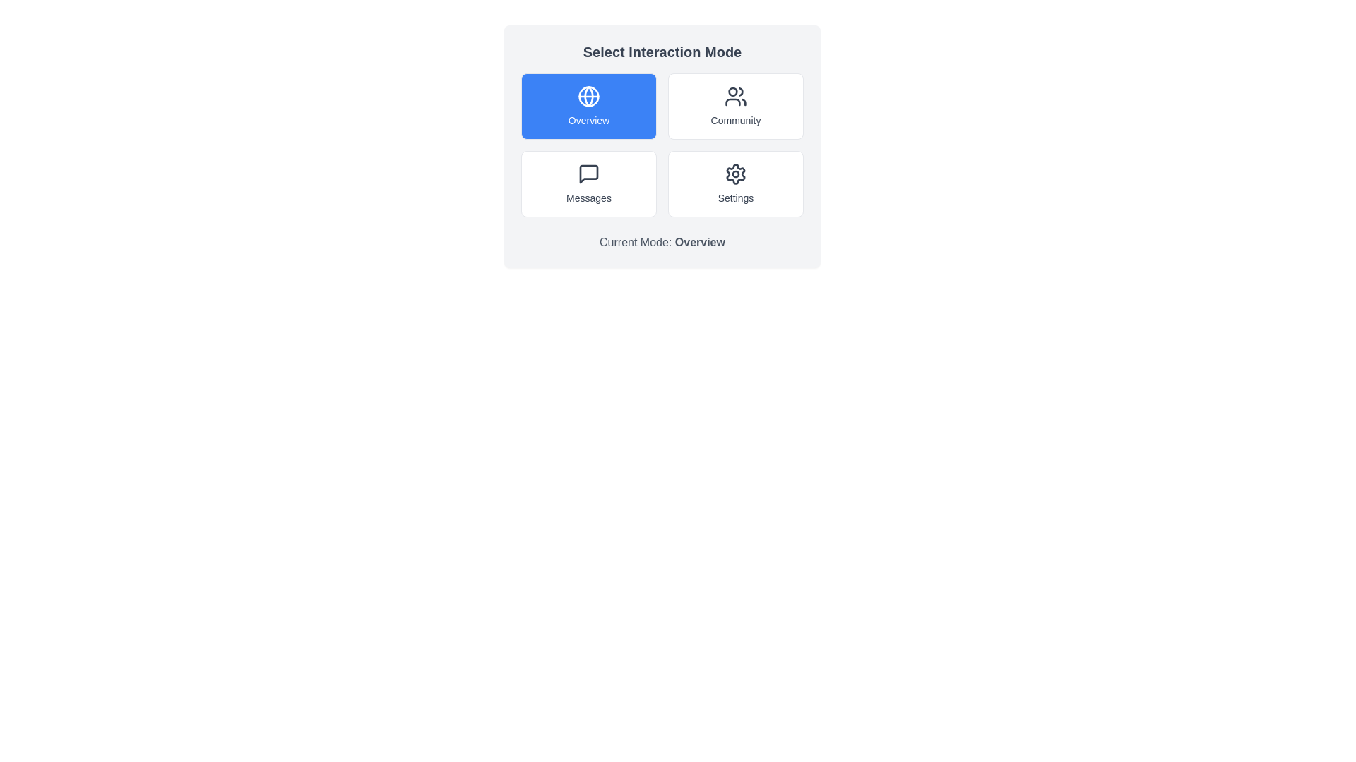 Image resolution: width=1356 pixels, height=762 pixels. Describe the element at coordinates (589, 183) in the screenshot. I see `the button corresponding to the interaction mode Messages` at that location.